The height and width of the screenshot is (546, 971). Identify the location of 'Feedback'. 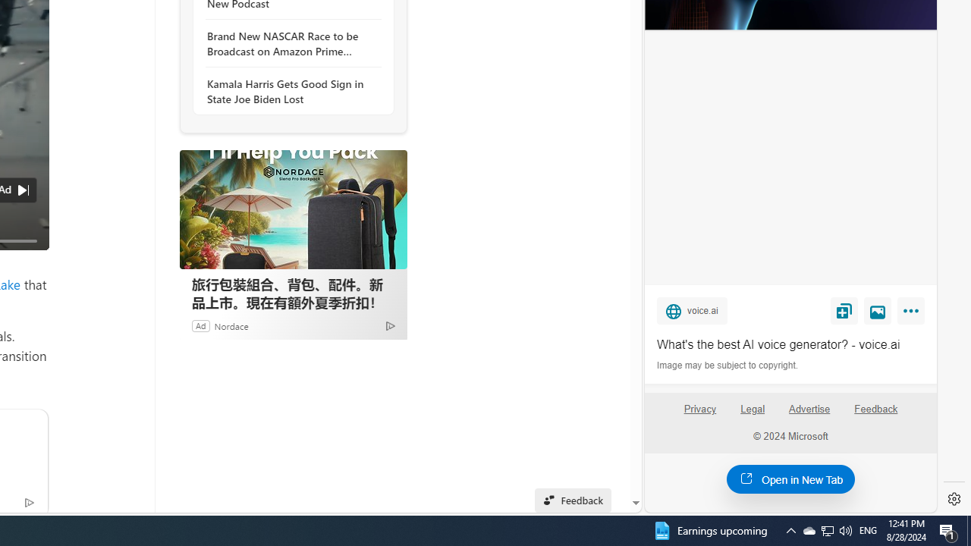
(876, 408).